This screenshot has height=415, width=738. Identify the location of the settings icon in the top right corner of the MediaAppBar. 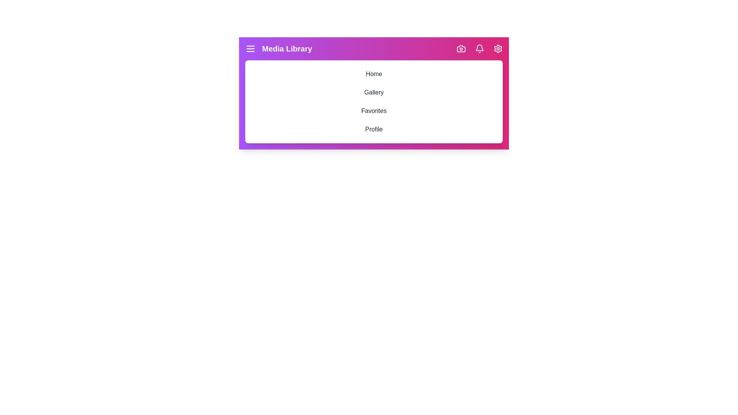
(498, 49).